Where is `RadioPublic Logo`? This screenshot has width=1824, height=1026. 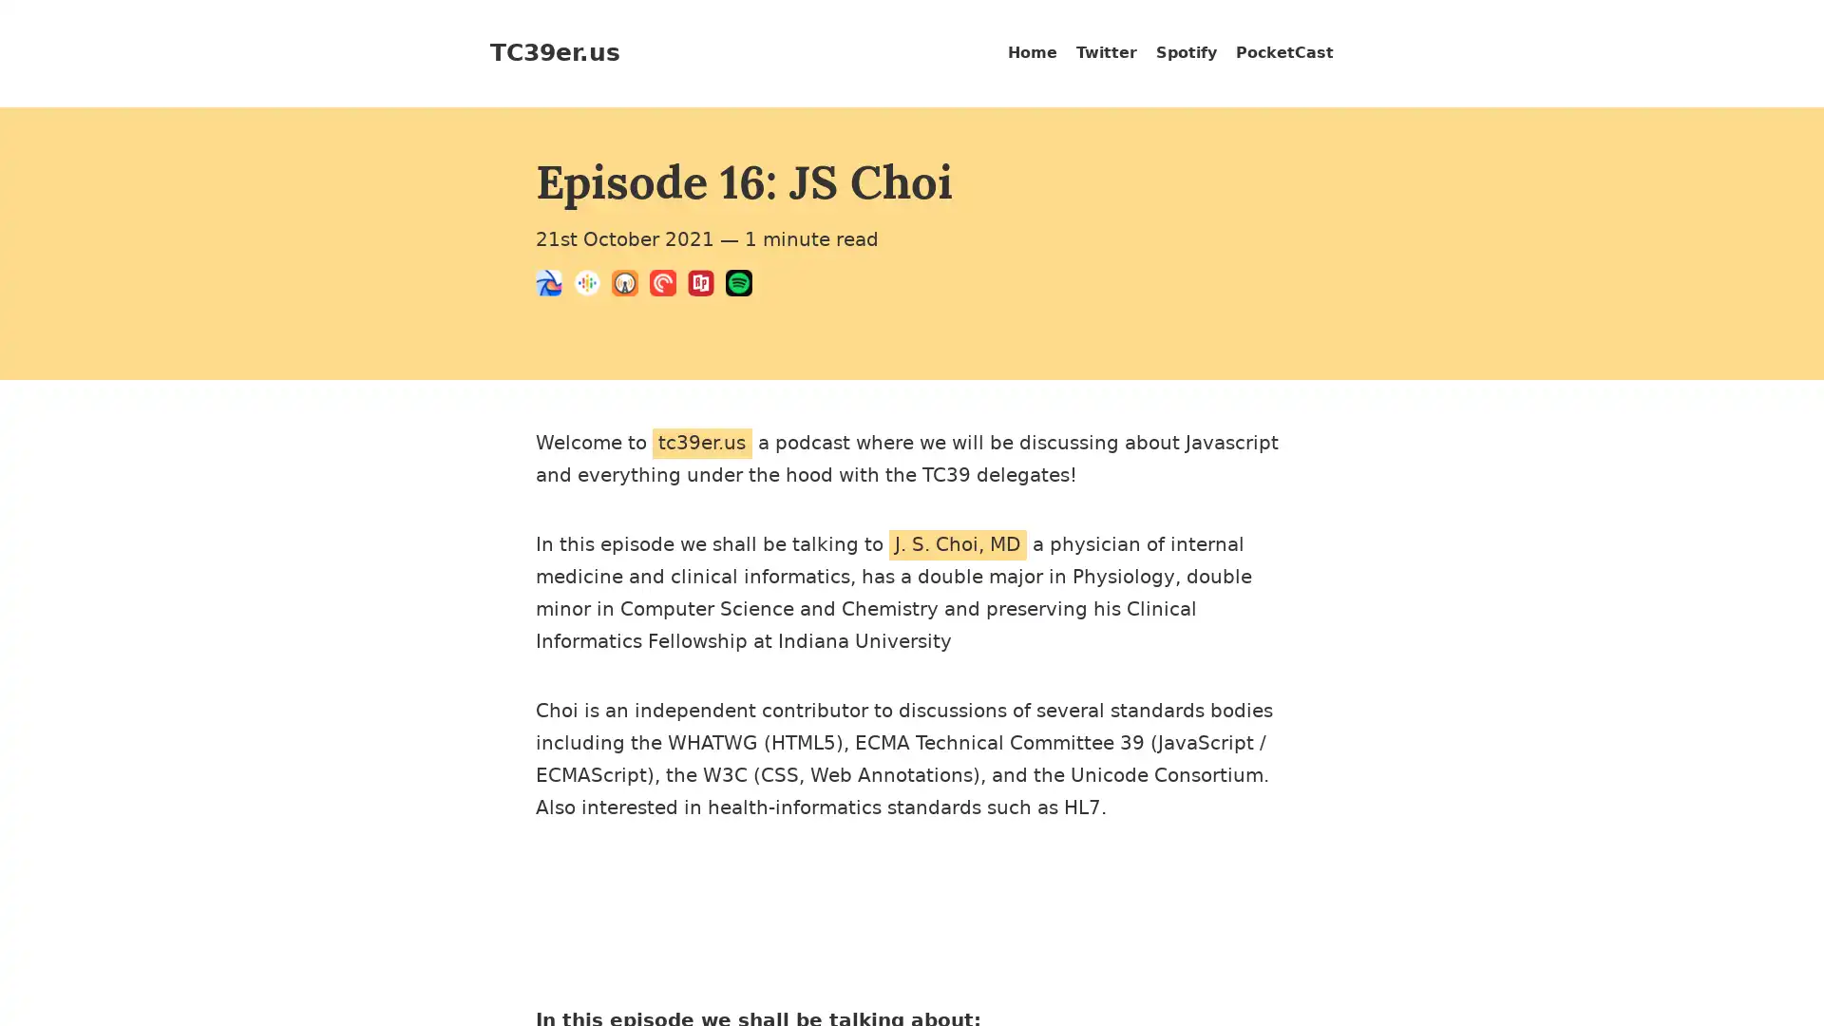 RadioPublic Logo is located at coordinates (706, 286).